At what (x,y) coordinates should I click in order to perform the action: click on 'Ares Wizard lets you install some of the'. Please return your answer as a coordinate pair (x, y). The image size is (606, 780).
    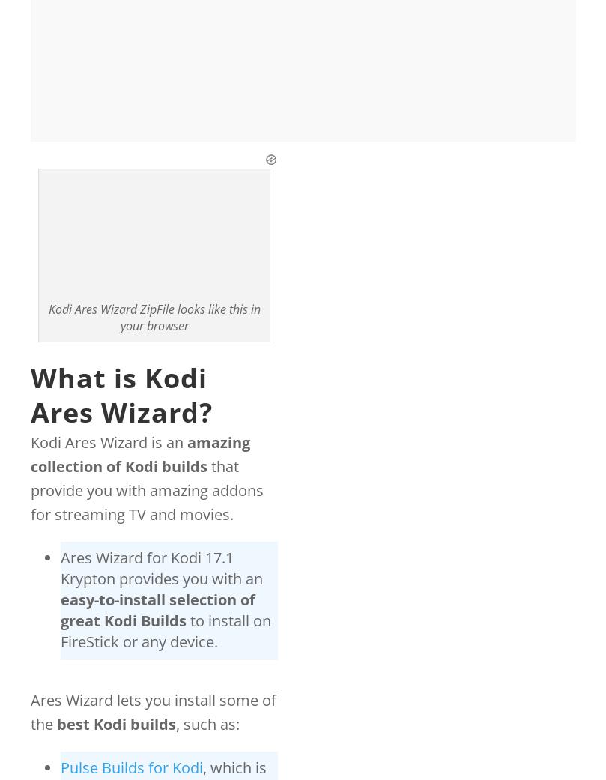
    Looking at the image, I should click on (153, 712).